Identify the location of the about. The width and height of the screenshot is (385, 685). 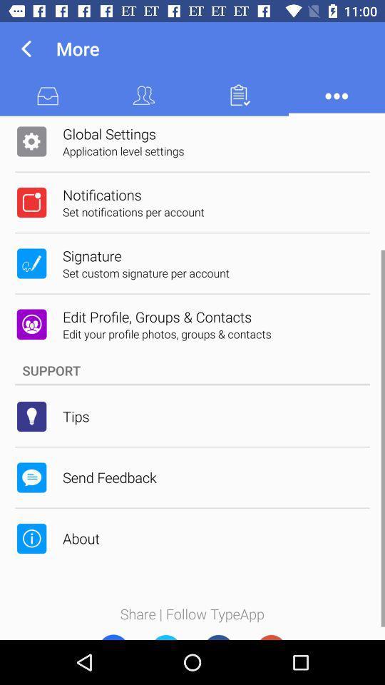
(81, 537).